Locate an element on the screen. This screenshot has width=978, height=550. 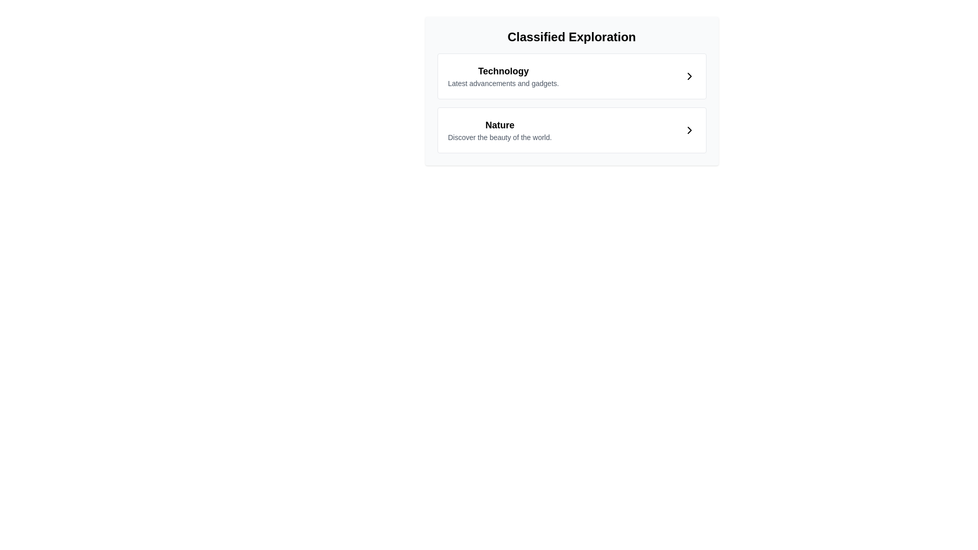
the icon located to the far-right of the 'Technology' list item in the 'Classified Exploration' section is located at coordinates (689, 76).